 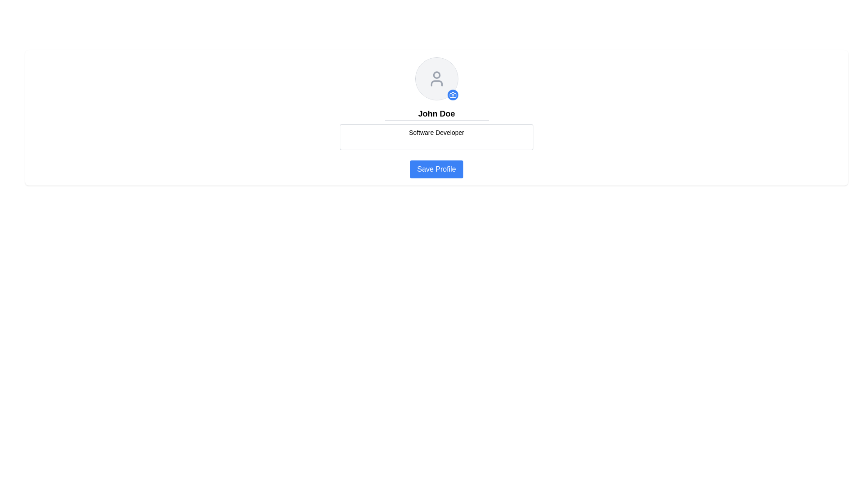 I want to click on the icon button located in the top-right corner of the circular profile image to initiate a profile picture upload, so click(x=453, y=95).